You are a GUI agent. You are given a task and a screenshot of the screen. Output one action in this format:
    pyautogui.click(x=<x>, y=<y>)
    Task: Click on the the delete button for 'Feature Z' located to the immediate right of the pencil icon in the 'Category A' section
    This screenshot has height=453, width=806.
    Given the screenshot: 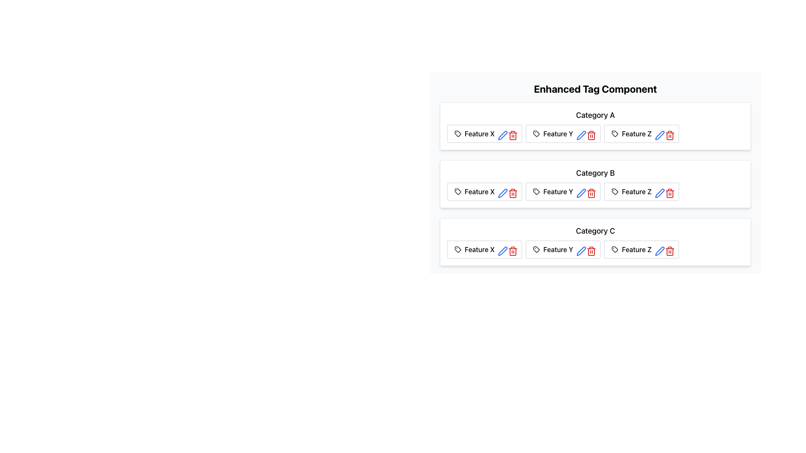 What is the action you would take?
    pyautogui.click(x=668, y=249)
    